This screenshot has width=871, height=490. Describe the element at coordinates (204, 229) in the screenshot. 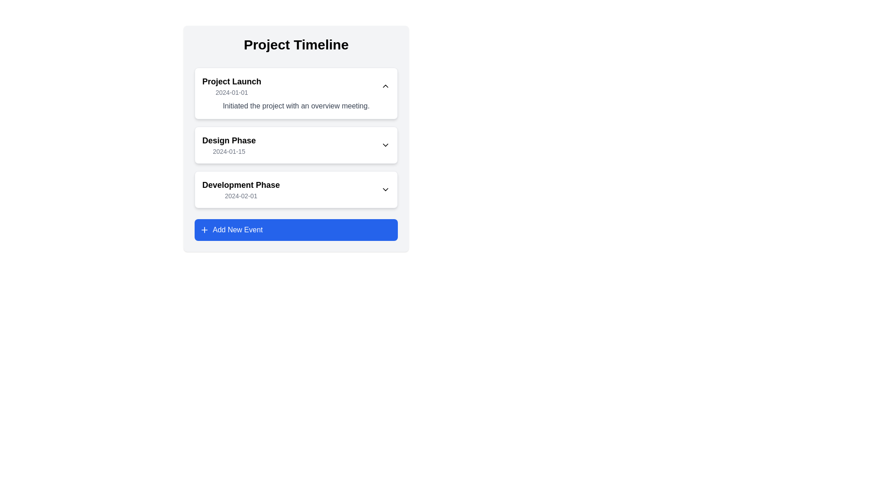

I see `the small plus sign icon located to the left of the 'Add New Event' button` at that location.